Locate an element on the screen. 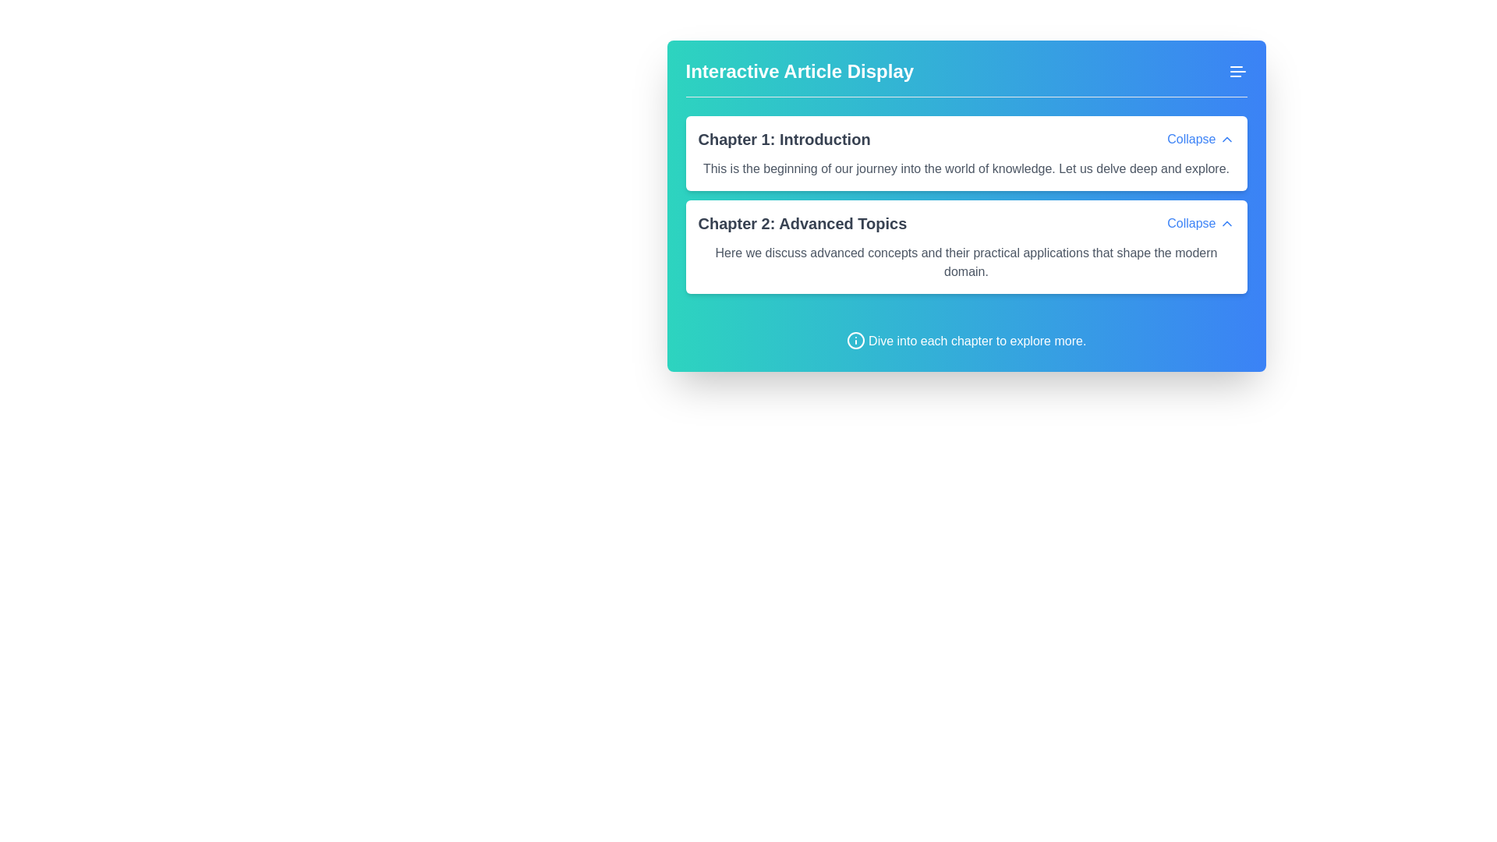 This screenshot has height=842, width=1497. the chevron-like icon with a triangular arrow pointing upwards, styled with a blue stroke color, located to the right of the 'Collapse' text in the upper-right corner of the second chapter's box is located at coordinates (1226, 223).